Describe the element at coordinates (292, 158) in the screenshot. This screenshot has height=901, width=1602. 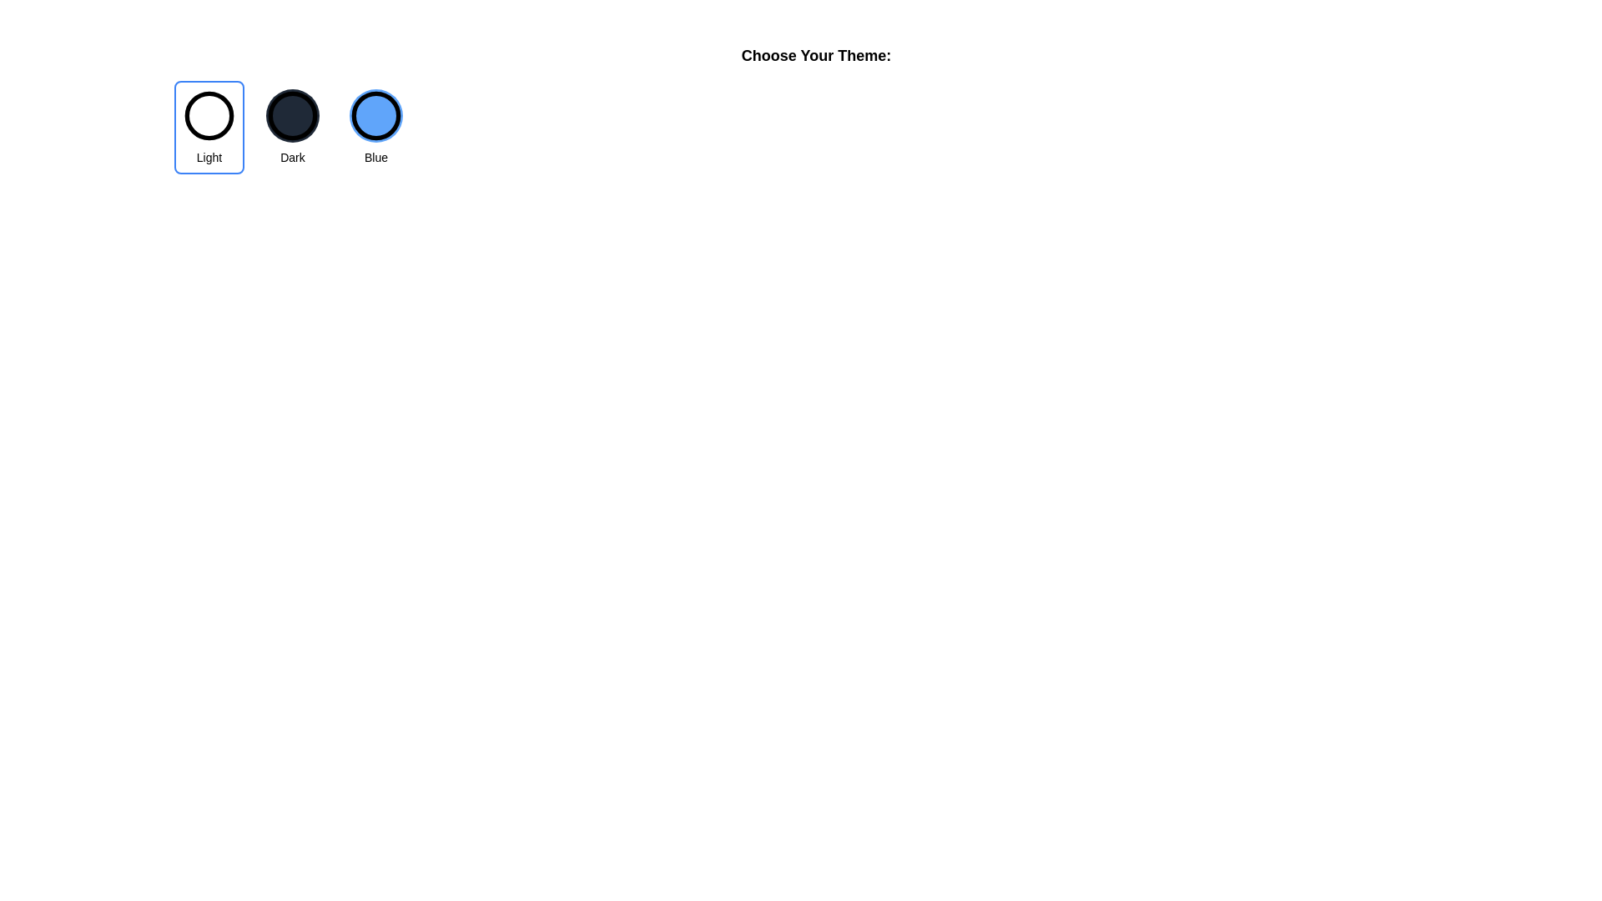
I see `text label displaying the word 'Dark' in lowercase letters located directly below a circular dark icon` at that location.